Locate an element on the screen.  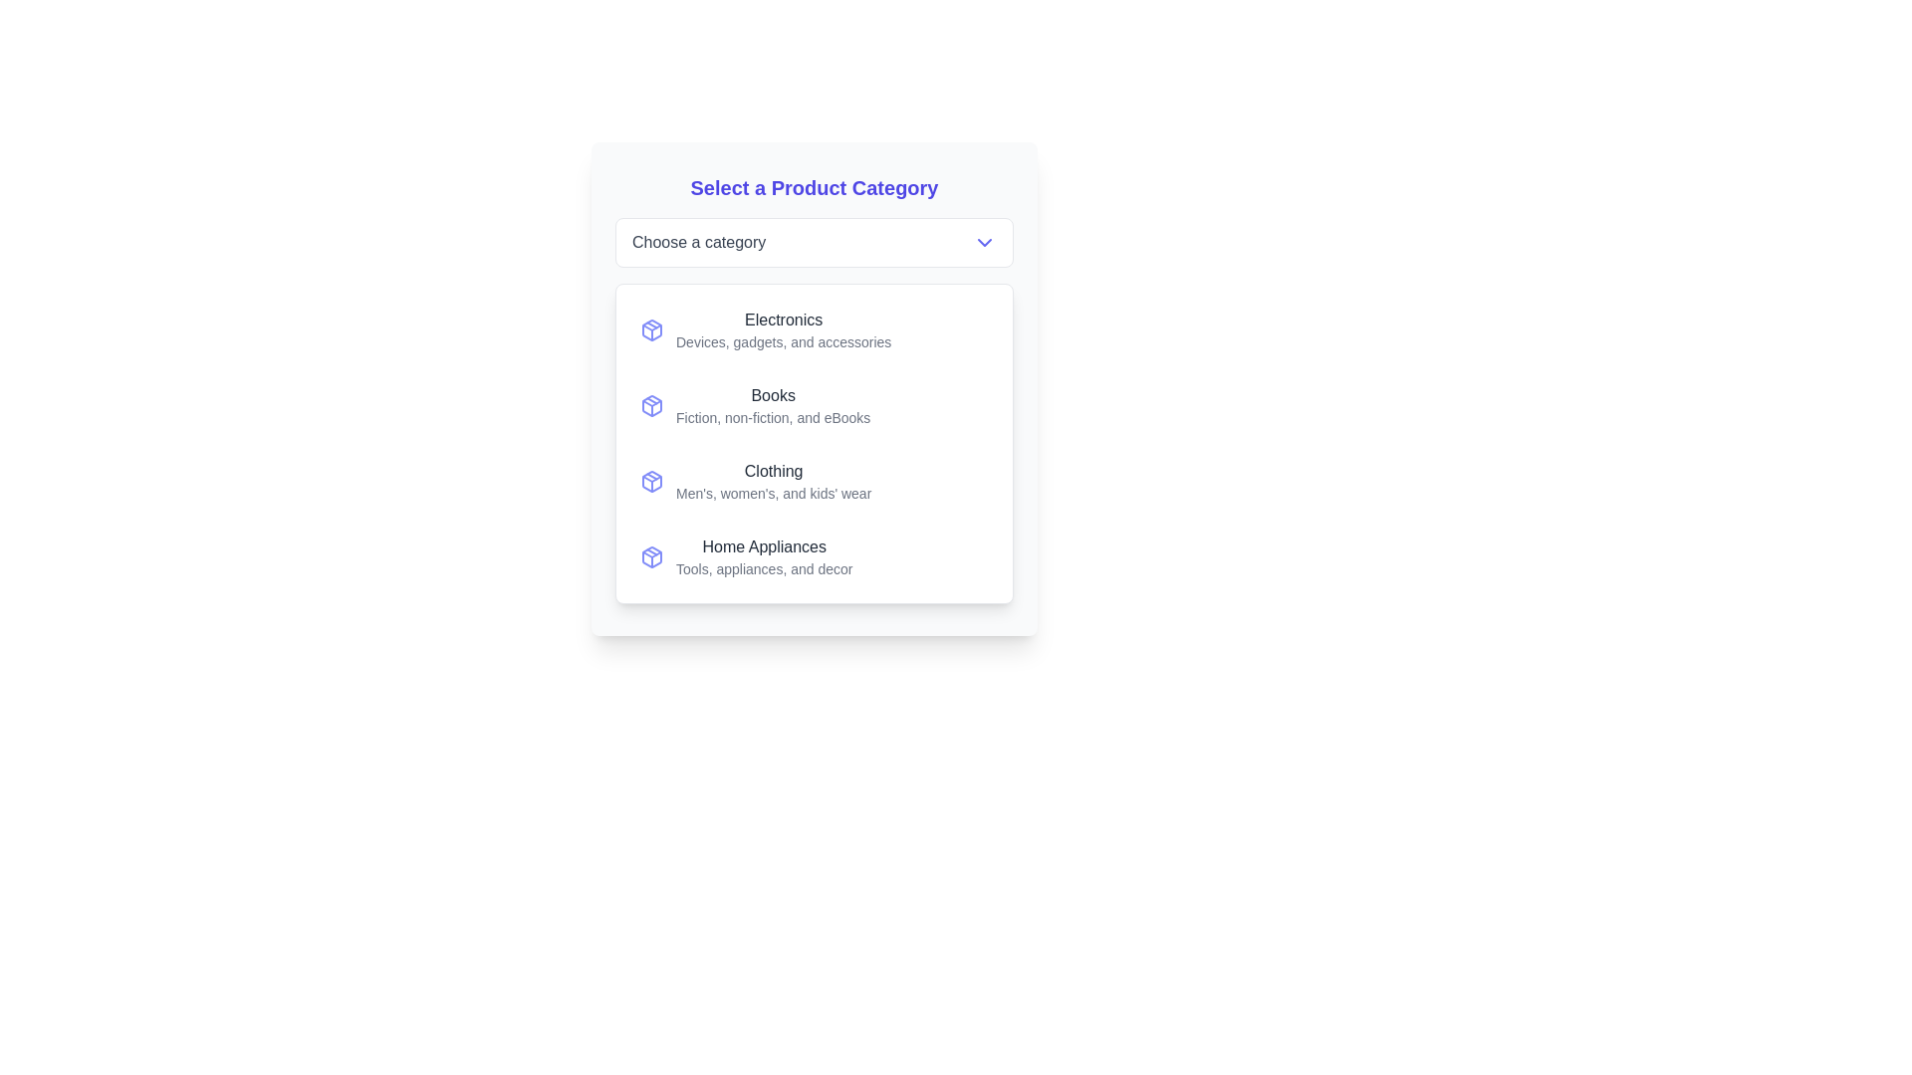
the text label displaying 'Fiction, non-fiction, and eBooks' located below the 'Books' label to read its description is located at coordinates (772, 417).